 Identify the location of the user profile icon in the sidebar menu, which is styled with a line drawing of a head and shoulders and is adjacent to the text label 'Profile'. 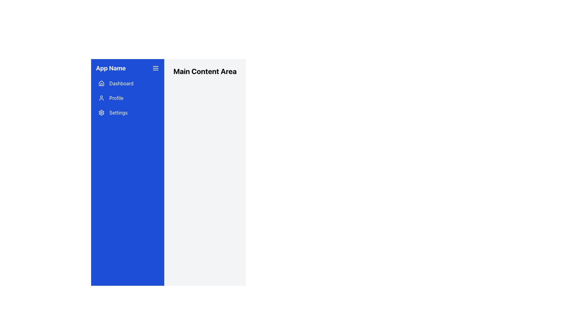
(101, 97).